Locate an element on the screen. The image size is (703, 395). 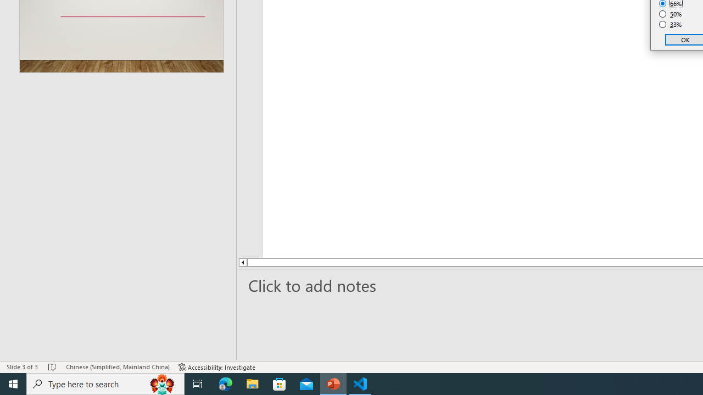
'50%' is located at coordinates (670, 14).